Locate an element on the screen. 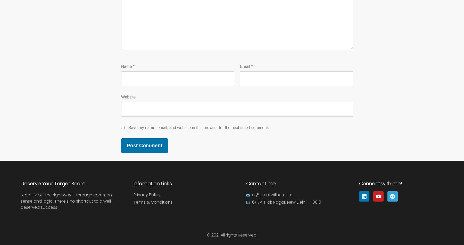  'Terms & Conditions' is located at coordinates (153, 202).